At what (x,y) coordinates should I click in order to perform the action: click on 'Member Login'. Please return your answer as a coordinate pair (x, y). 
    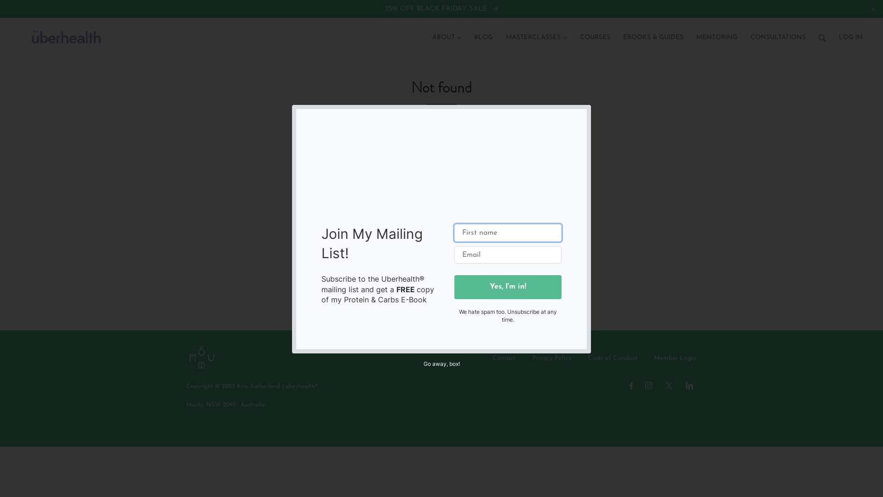
    Looking at the image, I should click on (675, 358).